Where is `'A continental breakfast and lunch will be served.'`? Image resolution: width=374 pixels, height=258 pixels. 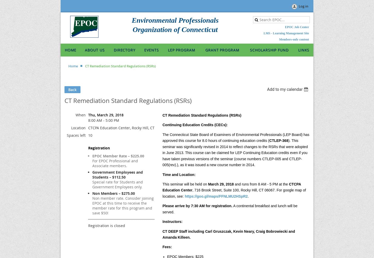
'A continental breakfast and lunch will be served.' is located at coordinates (230, 209).